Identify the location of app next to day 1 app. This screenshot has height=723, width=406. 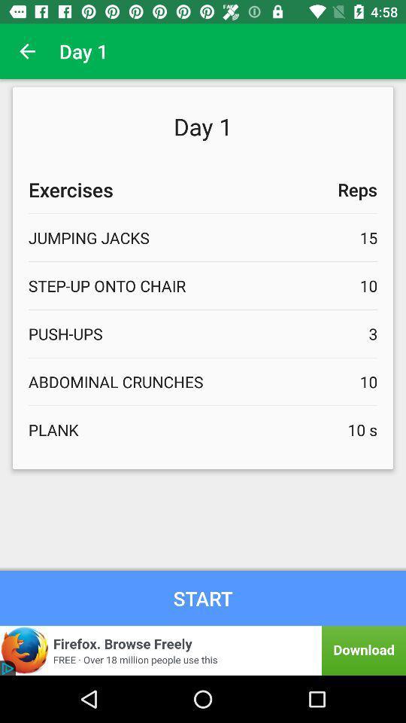
(27, 51).